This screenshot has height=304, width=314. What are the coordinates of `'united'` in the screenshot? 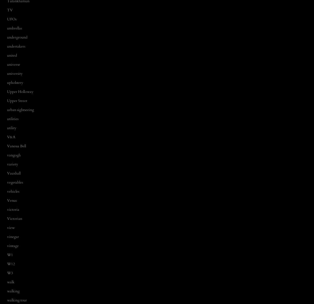 It's located at (7, 55).